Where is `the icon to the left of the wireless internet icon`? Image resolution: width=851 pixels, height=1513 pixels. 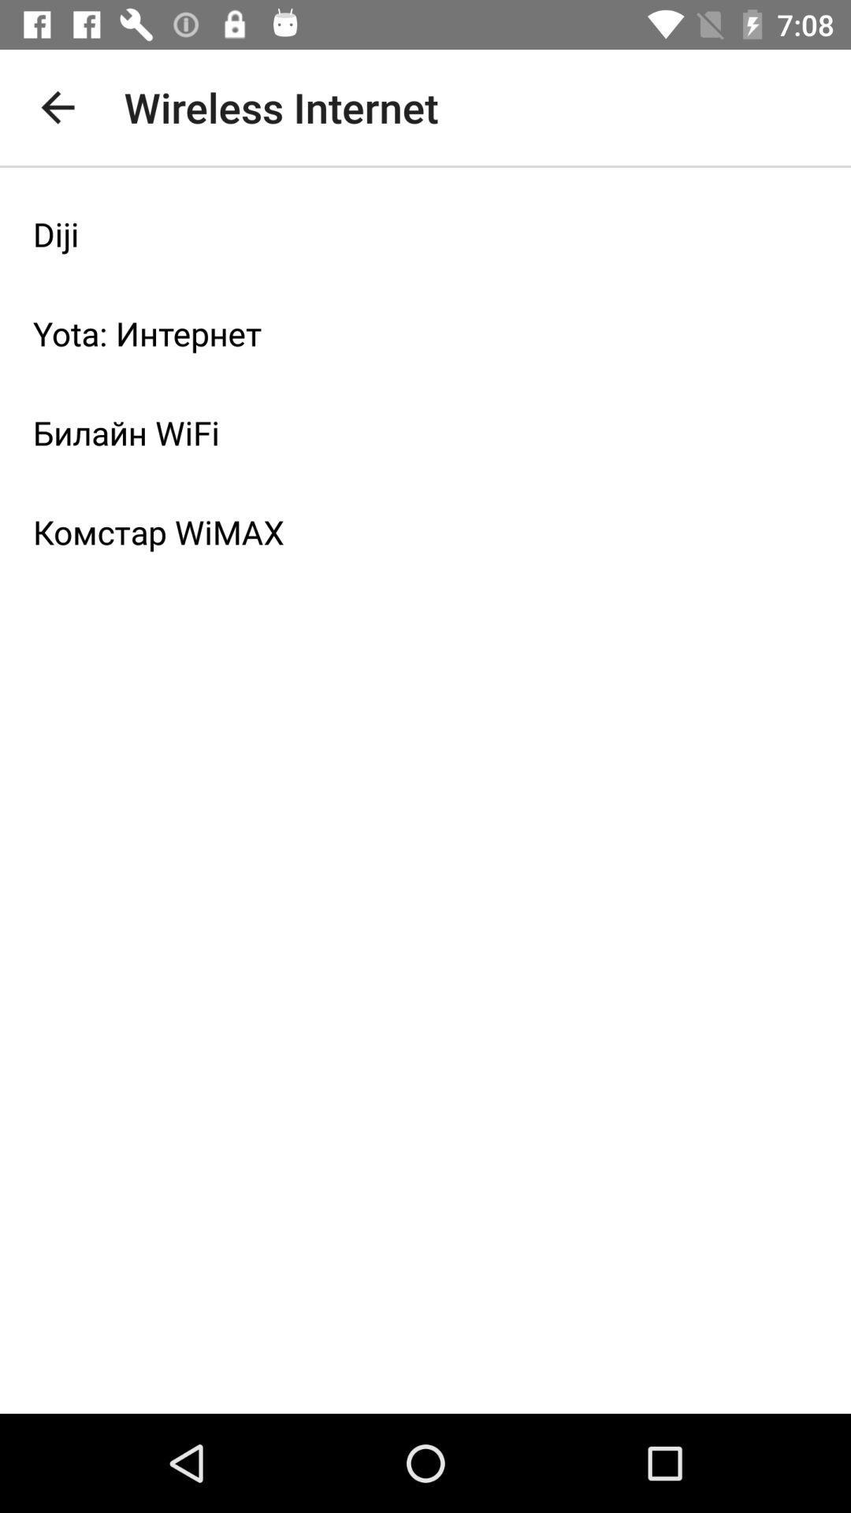
the icon to the left of the wireless internet icon is located at coordinates (57, 106).